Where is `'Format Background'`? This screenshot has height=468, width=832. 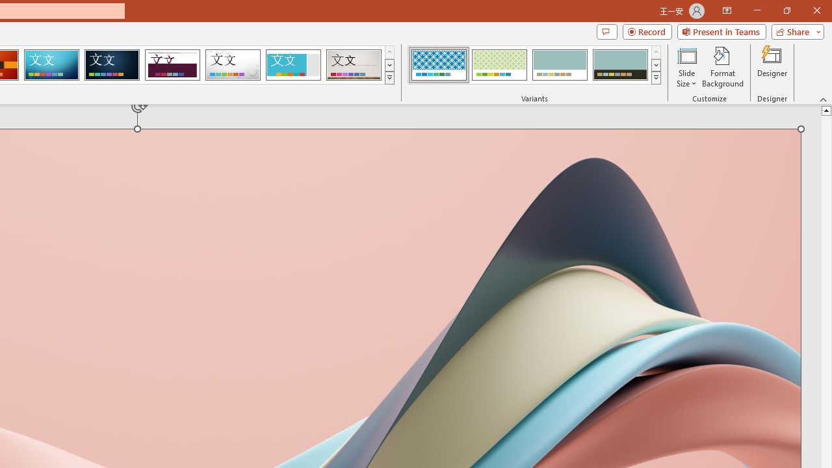 'Format Background' is located at coordinates (722, 67).